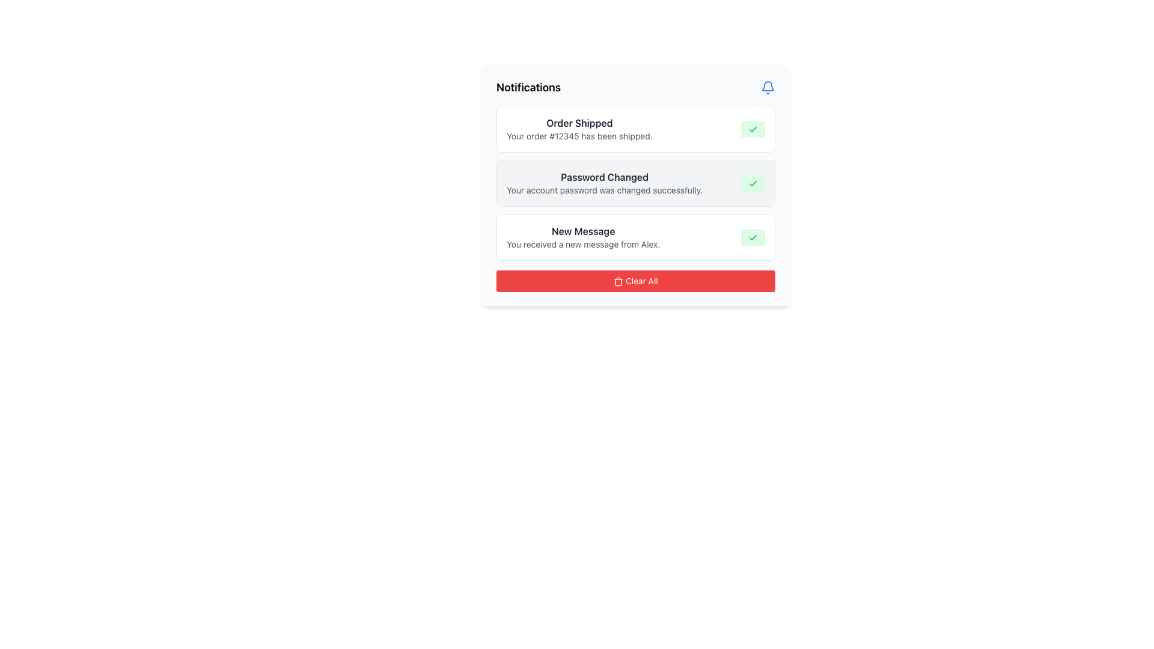 Image resolution: width=1154 pixels, height=649 pixels. What do you see at coordinates (618, 282) in the screenshot?
I see `the 'Clear All' icon located at the bottom of the visible notification panel` at bounding box center [618, 282].